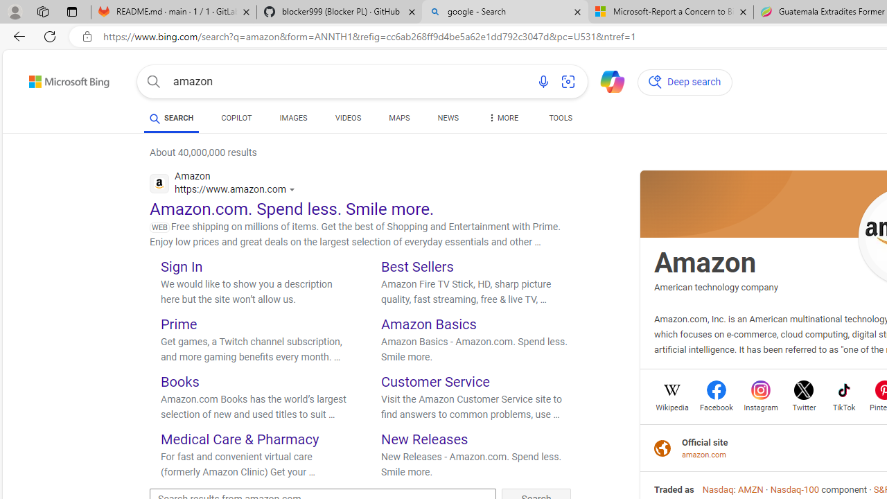 The height and width of the screenshot is (499, 887). What do you see at coordinates (170, 118) in the screenshot?
I see `'SEARCH'` at bounding box center [170, 118].